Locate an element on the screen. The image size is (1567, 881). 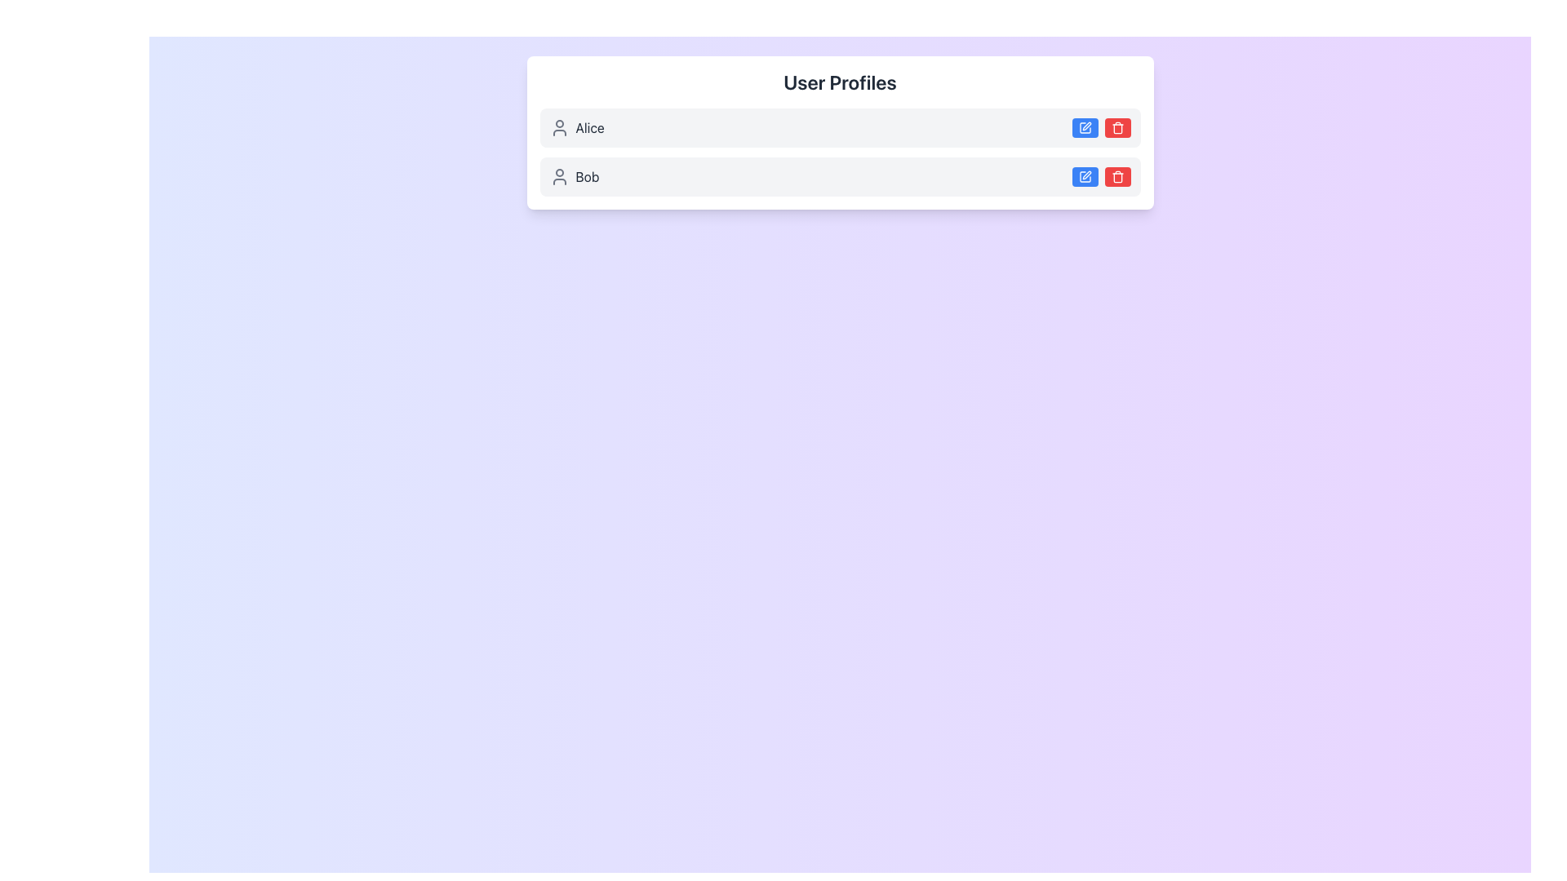
the 'Delete' button in the Horizontal Button Group located on the far right side of the second row of user profiles for 'Bob' is located at coordinates (1101, 176).